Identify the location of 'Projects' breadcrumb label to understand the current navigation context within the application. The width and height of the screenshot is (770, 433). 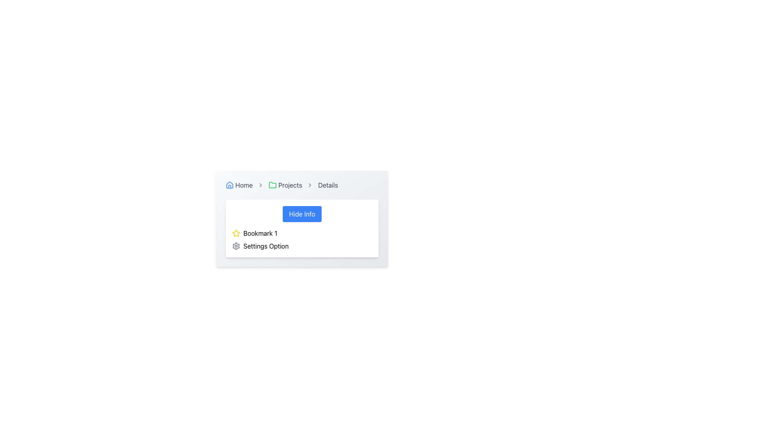
(290, 185).